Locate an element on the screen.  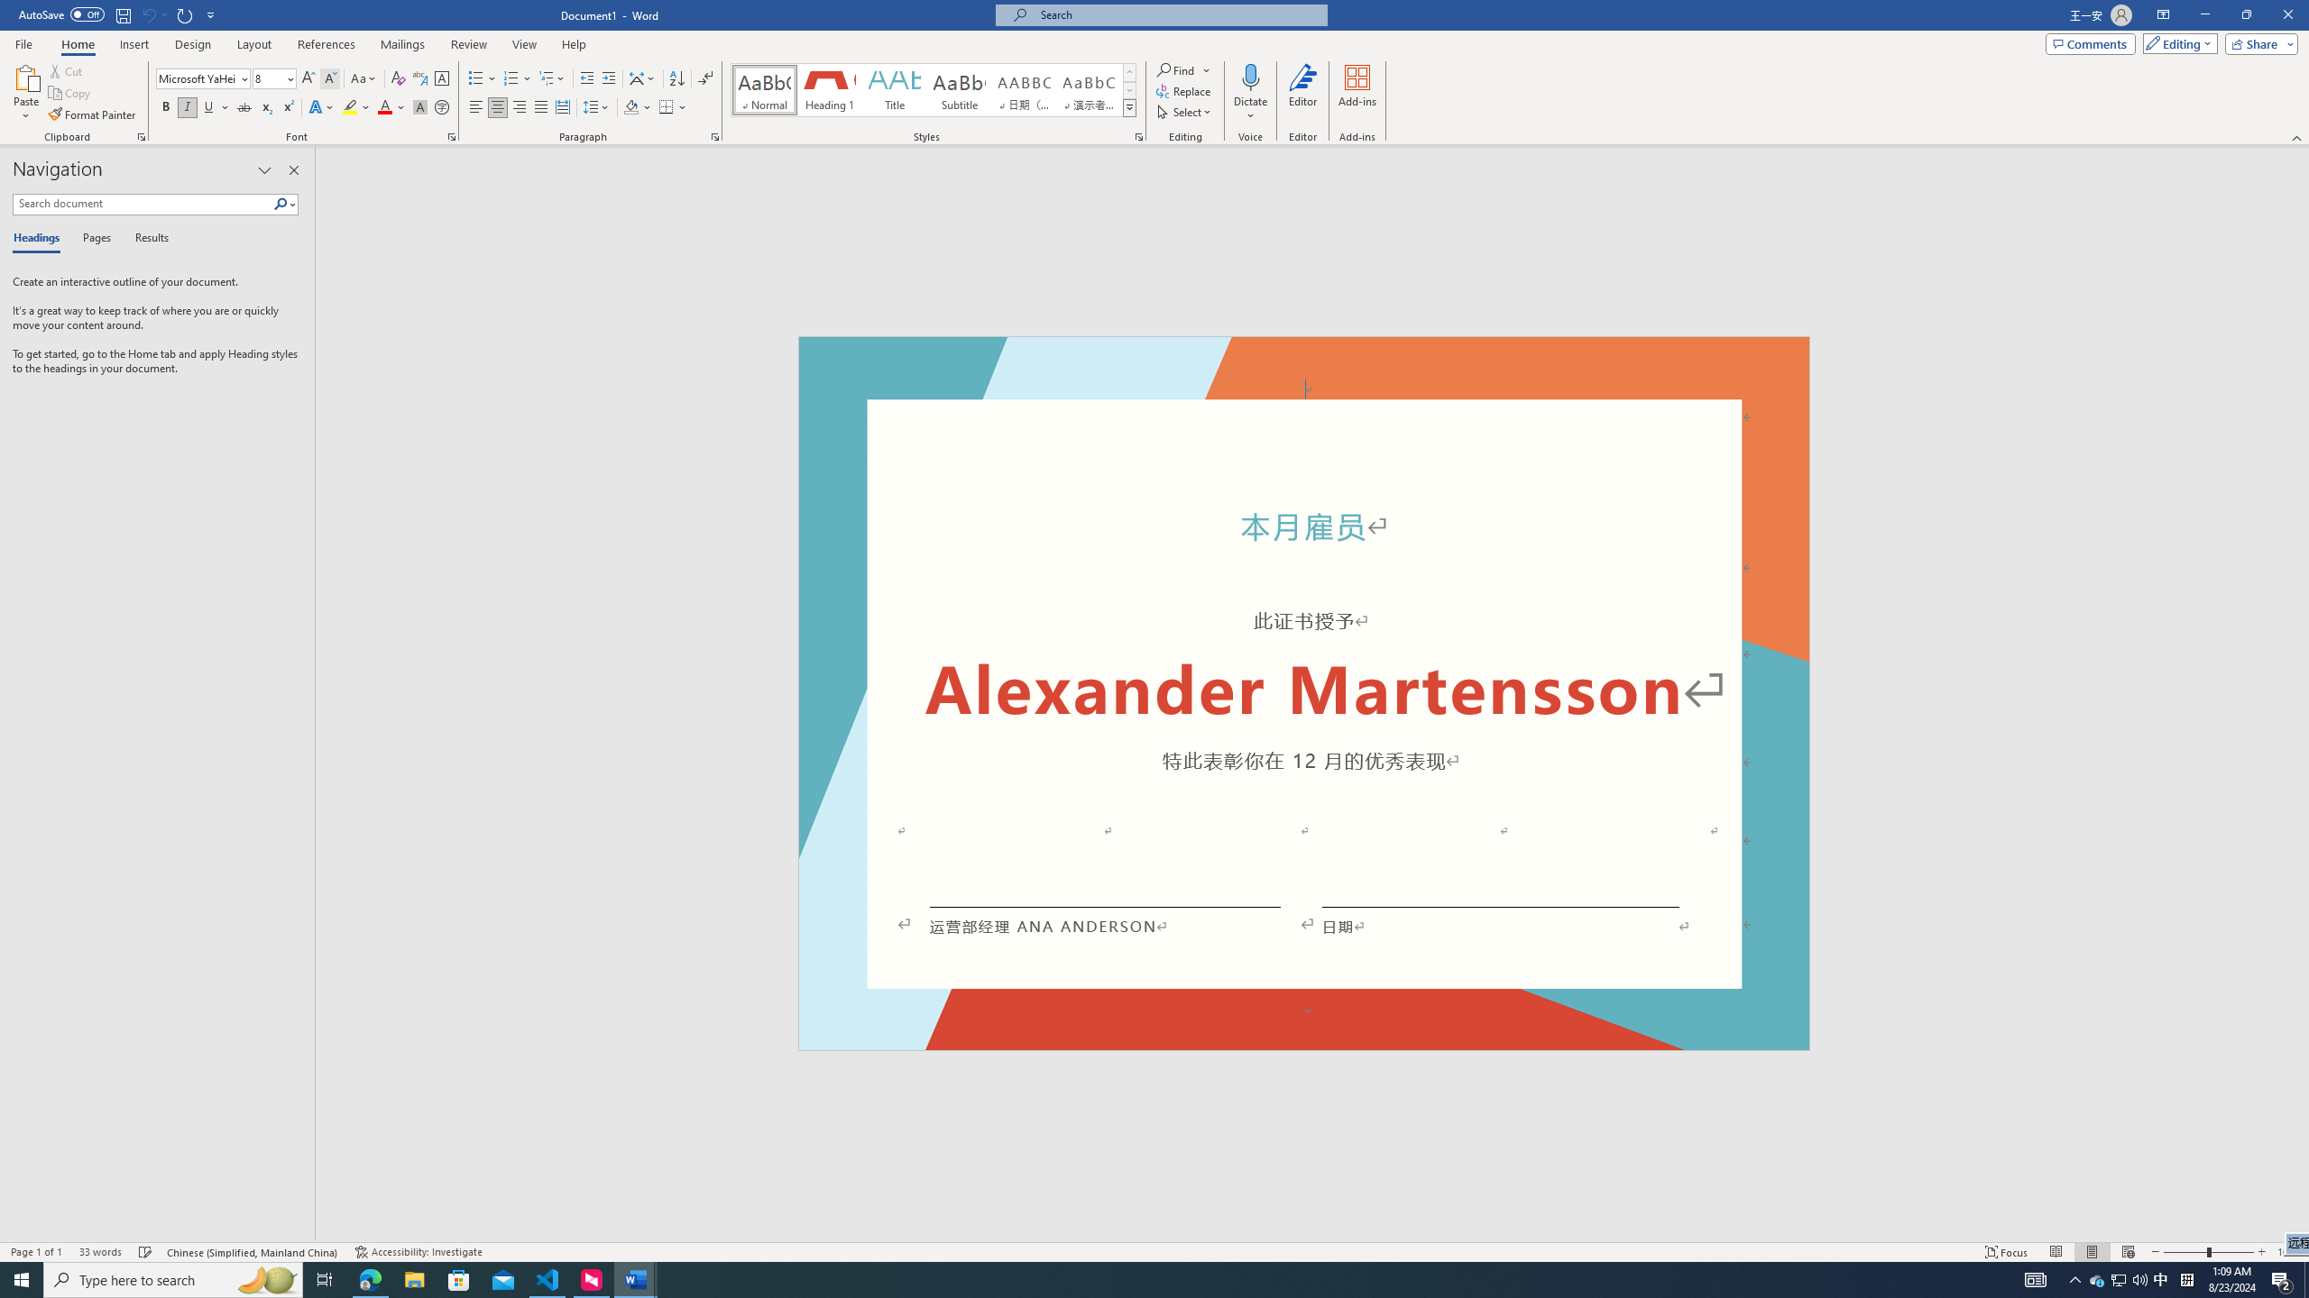
'Spelling and Grammar Check Checking' is located at coordinates (146, 1252).